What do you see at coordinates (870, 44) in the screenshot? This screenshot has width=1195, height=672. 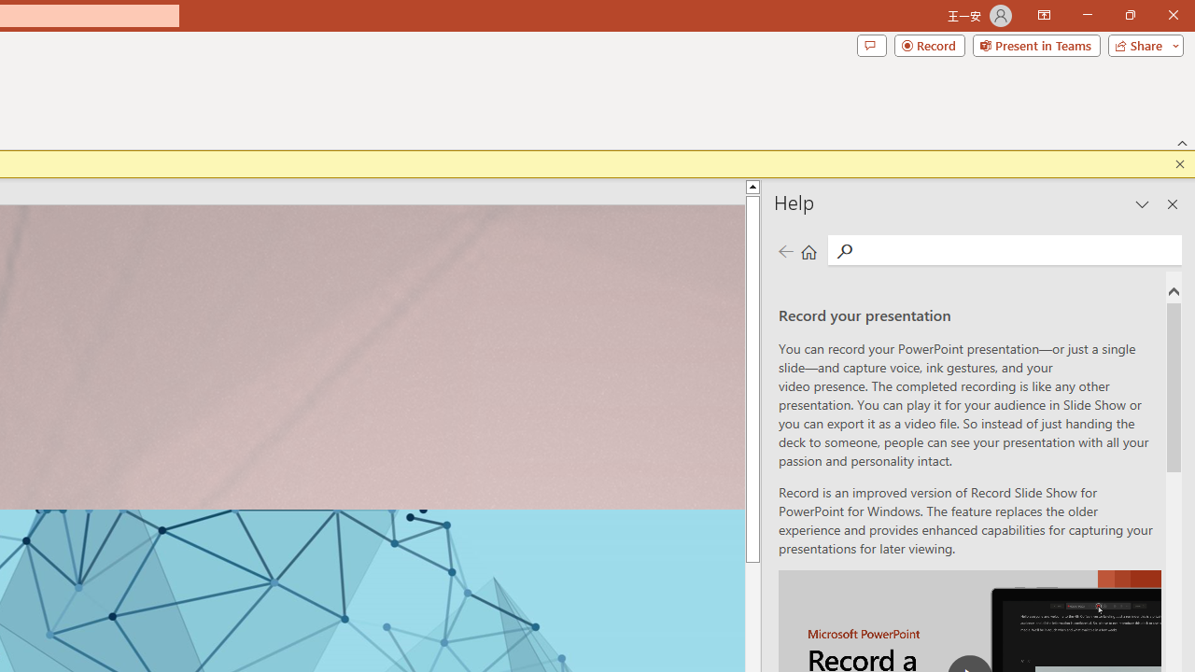 I see `'Comments'` at bounding box center [870, 44].